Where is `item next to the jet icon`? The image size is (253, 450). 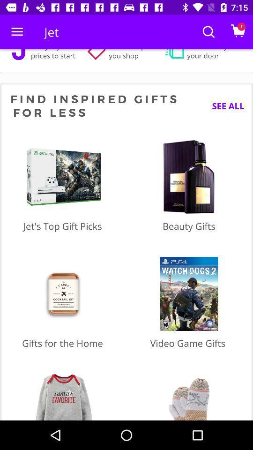 item next to the jet icon is located at coordinates (17, 32).